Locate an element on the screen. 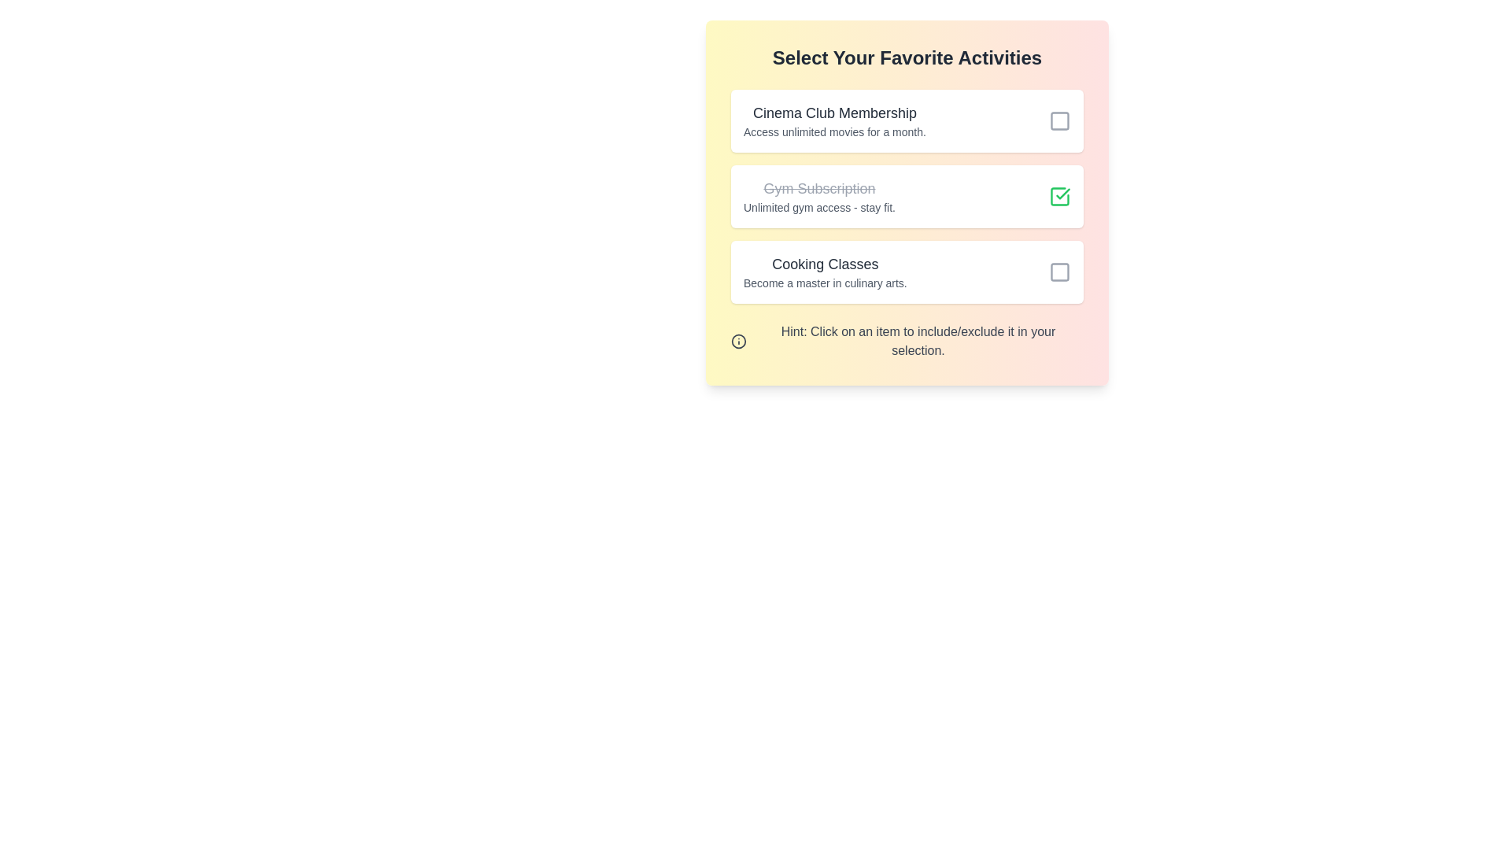 Image resolution: width=1511 pixels, height=850 pixels. the checkbox located on the right side of the row labeled 'Cinema Club Membership' to trigger potential tooltip or focus effects is located at coordinates (1060, 120).